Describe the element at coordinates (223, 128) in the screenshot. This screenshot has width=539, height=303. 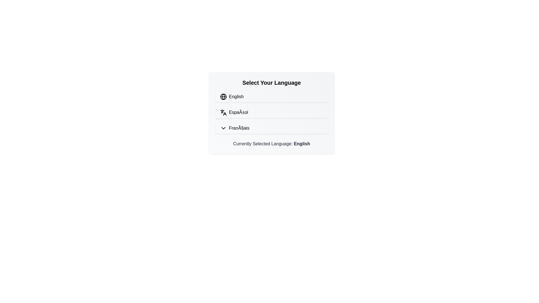
I see `the downward-pointing chevron icon located to the left of the text 'Français'` at that location.